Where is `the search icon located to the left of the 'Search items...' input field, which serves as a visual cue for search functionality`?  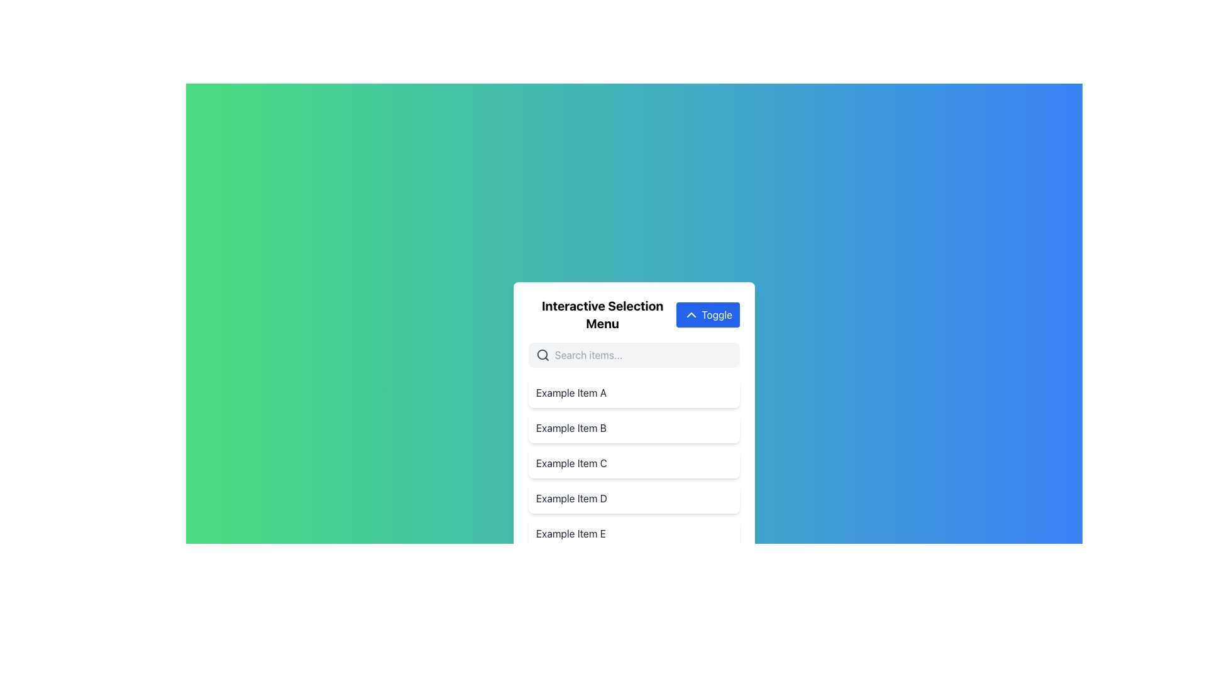 the search icon located to the left of the 'Search items...' input field, which serves as a visual cue for search functionality is located at coordinates (543, 355).